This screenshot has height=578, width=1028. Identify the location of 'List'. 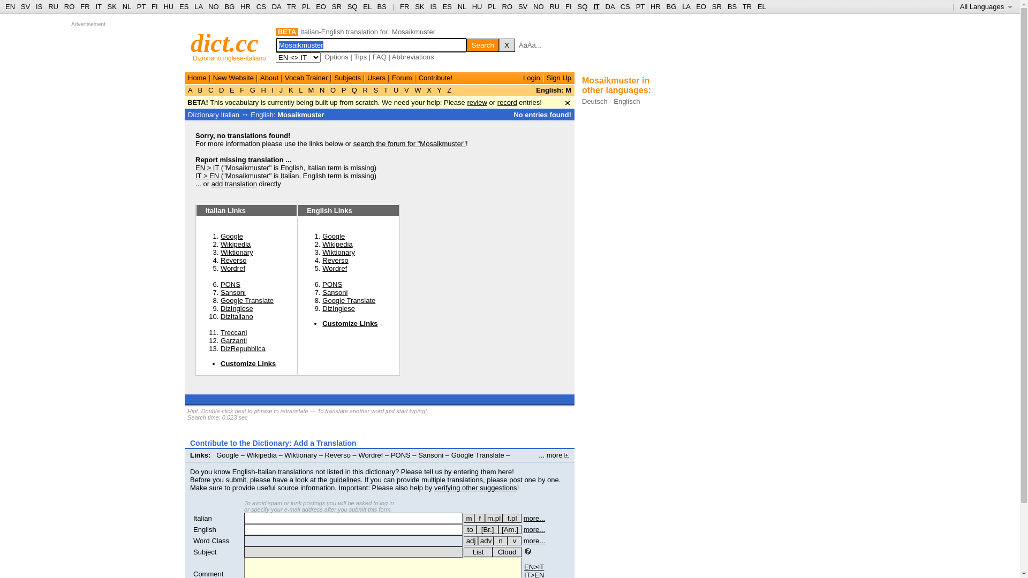
(477, 552).